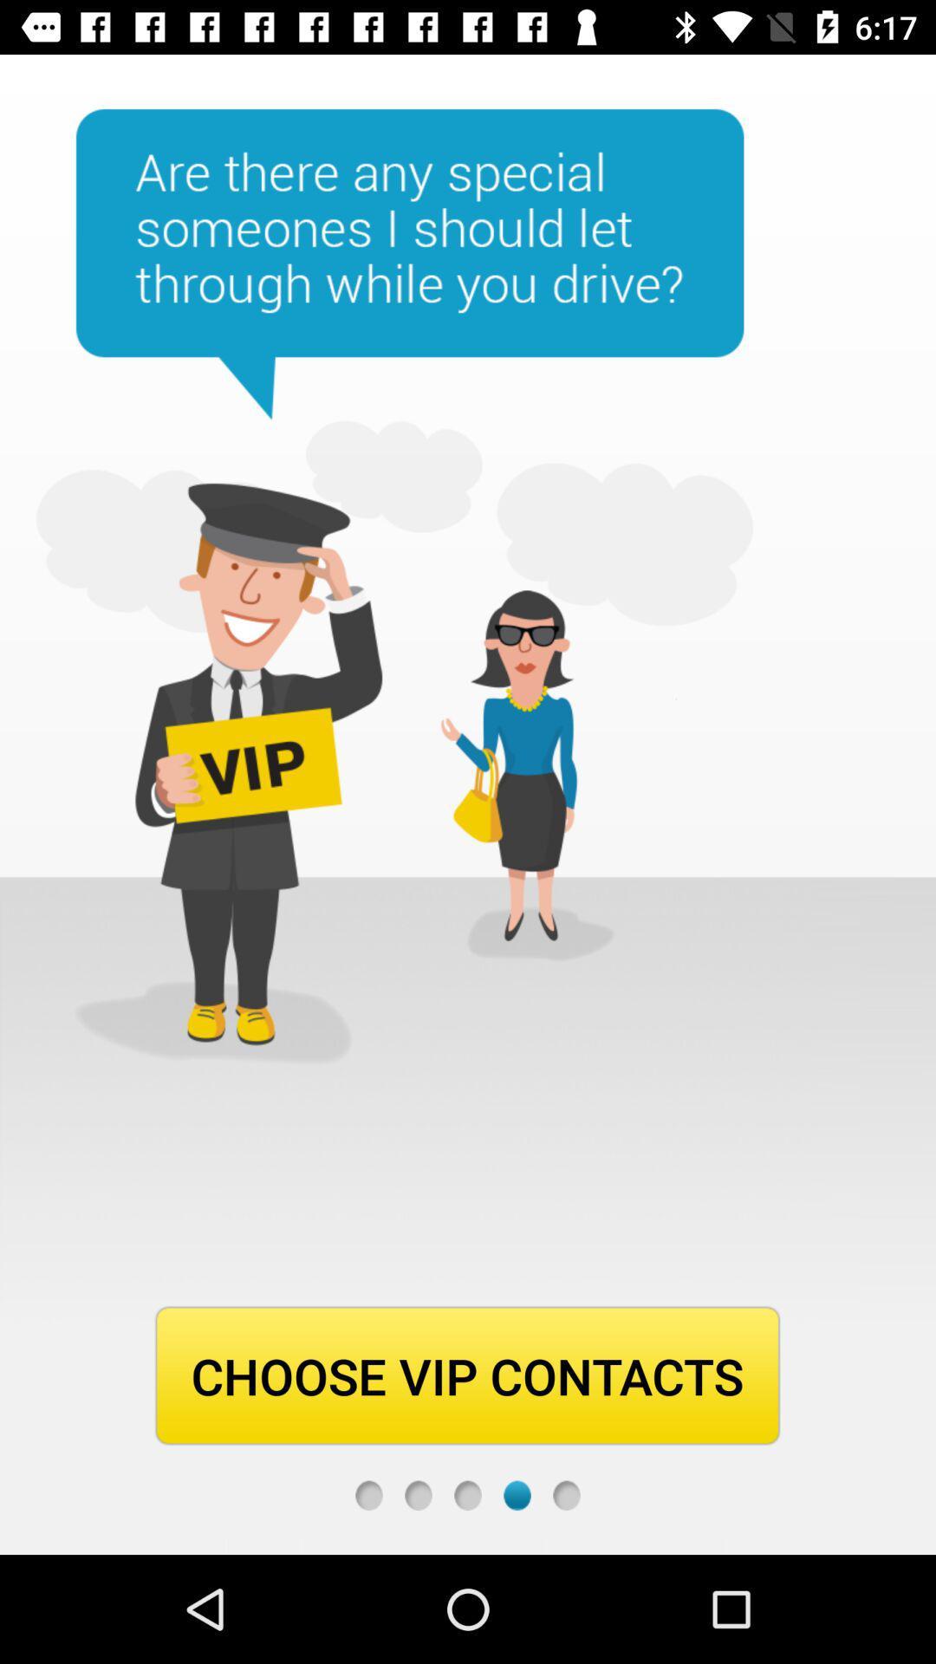  What do you see at coordinates (367, 1494) in the screenshot?
I see `choose vip contacts` at bounding box center [367, 1494].